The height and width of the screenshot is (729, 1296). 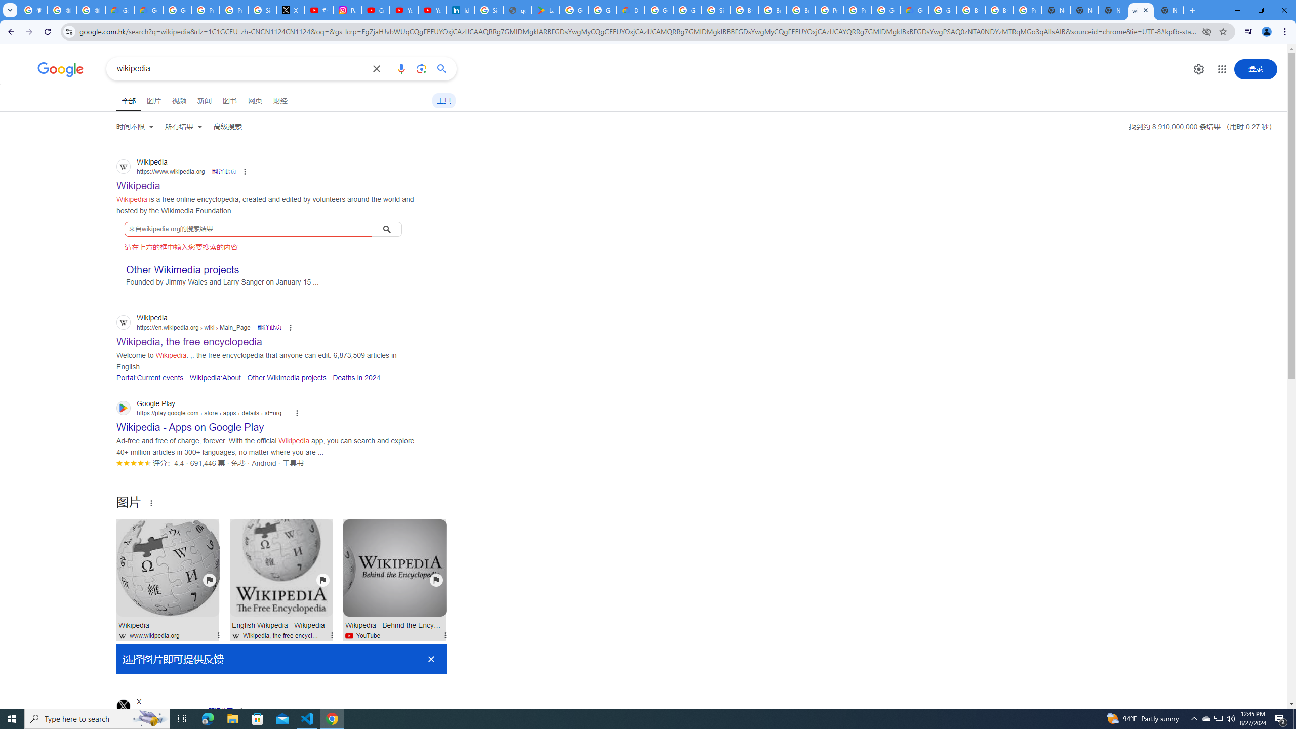 I want to click on 'google_privacy_policy_en.pdf', so click(x=517, y=10).